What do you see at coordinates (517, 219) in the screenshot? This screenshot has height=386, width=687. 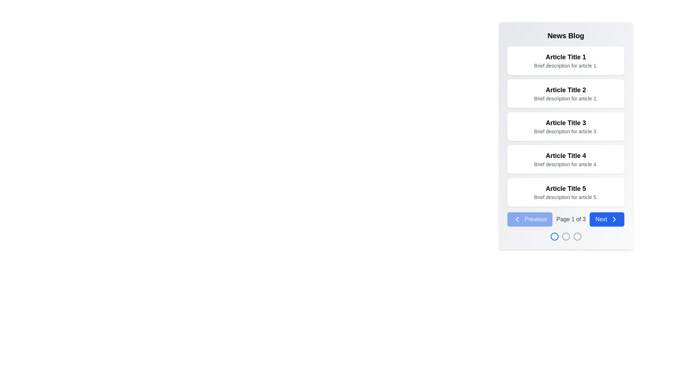 I see `the 'Previous' navigation icon located within the blue rectangular button to the left of the text 'Previous' in the pagination controls` at bounding box center [517, 219].